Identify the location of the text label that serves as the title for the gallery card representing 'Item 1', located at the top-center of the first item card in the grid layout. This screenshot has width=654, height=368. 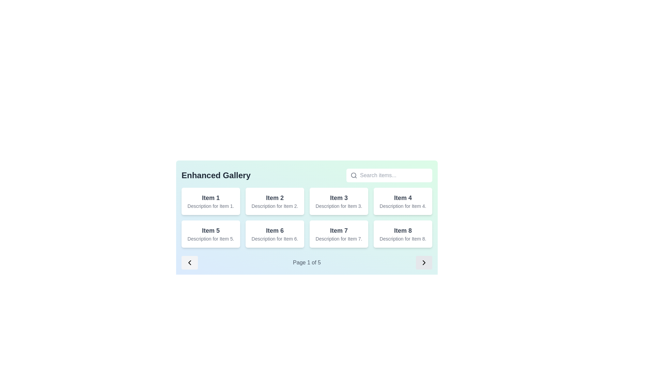
(211, 198).